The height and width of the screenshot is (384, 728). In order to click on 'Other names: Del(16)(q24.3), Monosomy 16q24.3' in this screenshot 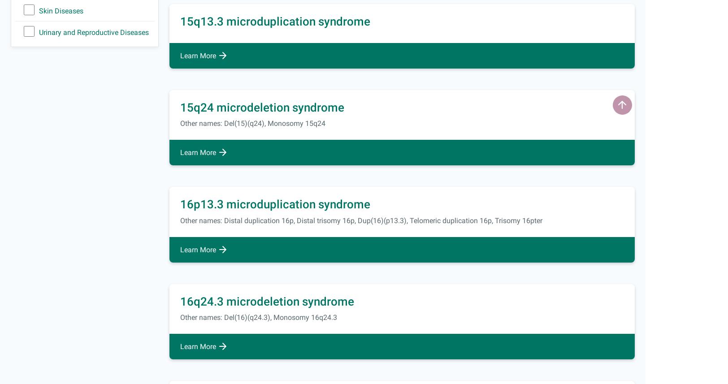, I will do `click(259, 317)`.